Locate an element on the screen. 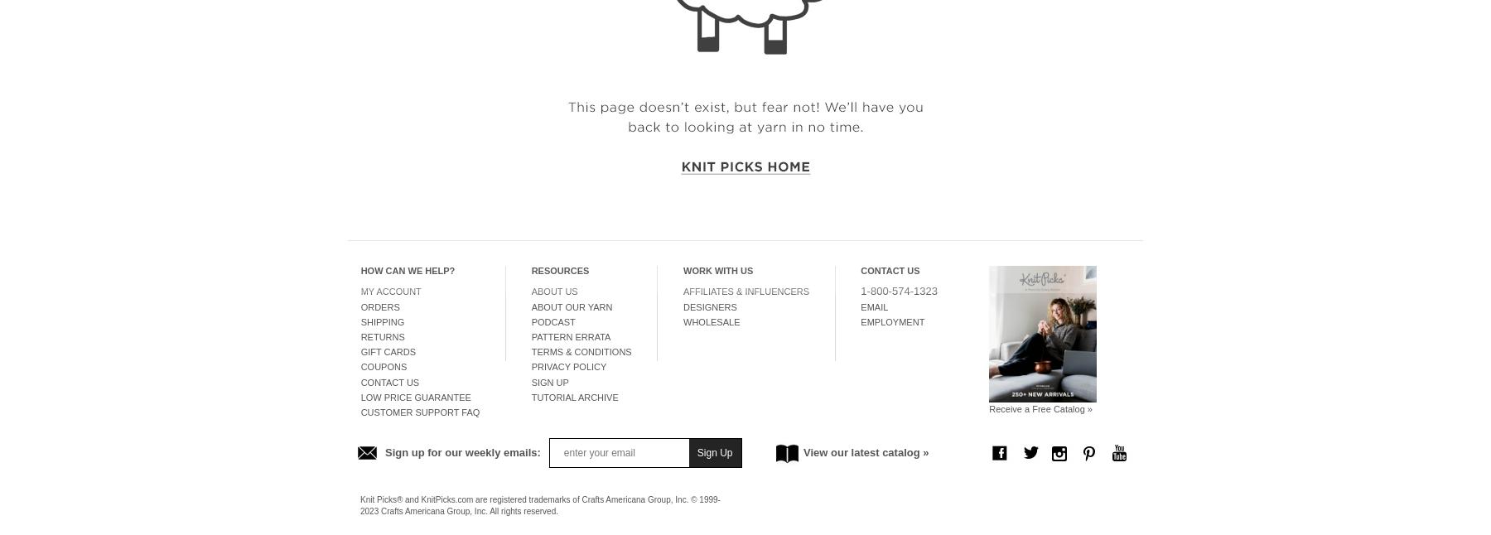  'Sign up for our weekly emails:' is located at coordinates (461, 451).